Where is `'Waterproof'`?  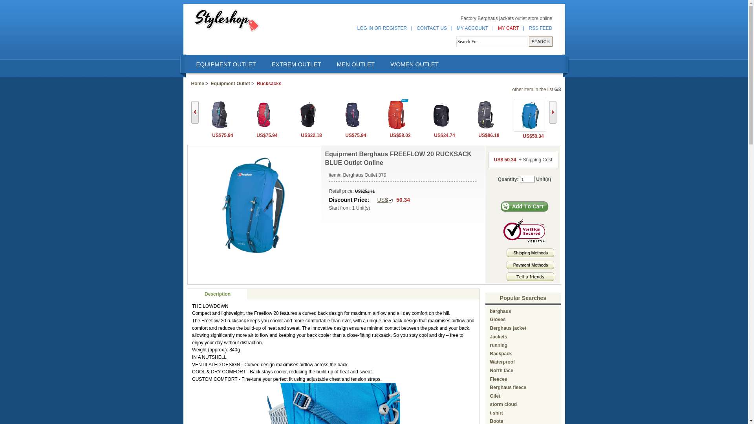 'Waterproof' is located at coordinates (503, 362).